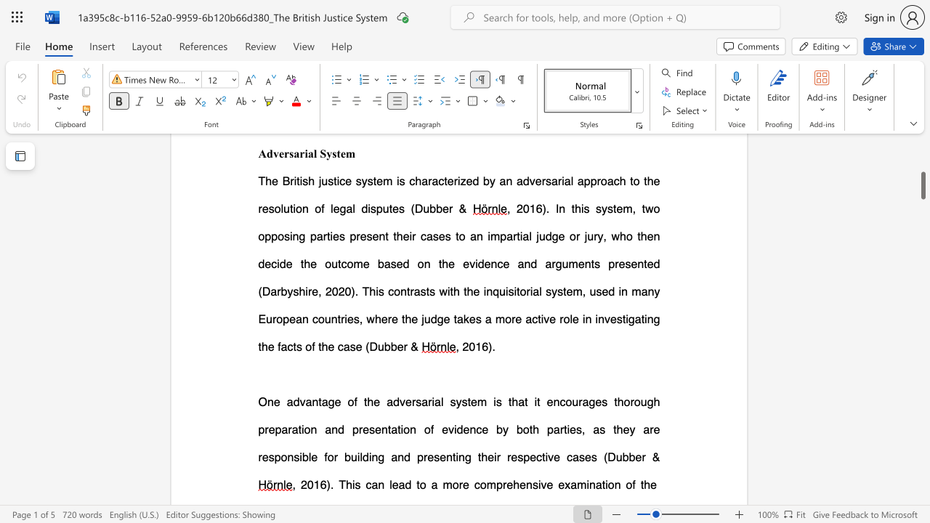 The width and height of the screenshot is (930, 523). I want to click on the 8th character "e" in the text, so click(413, 318).